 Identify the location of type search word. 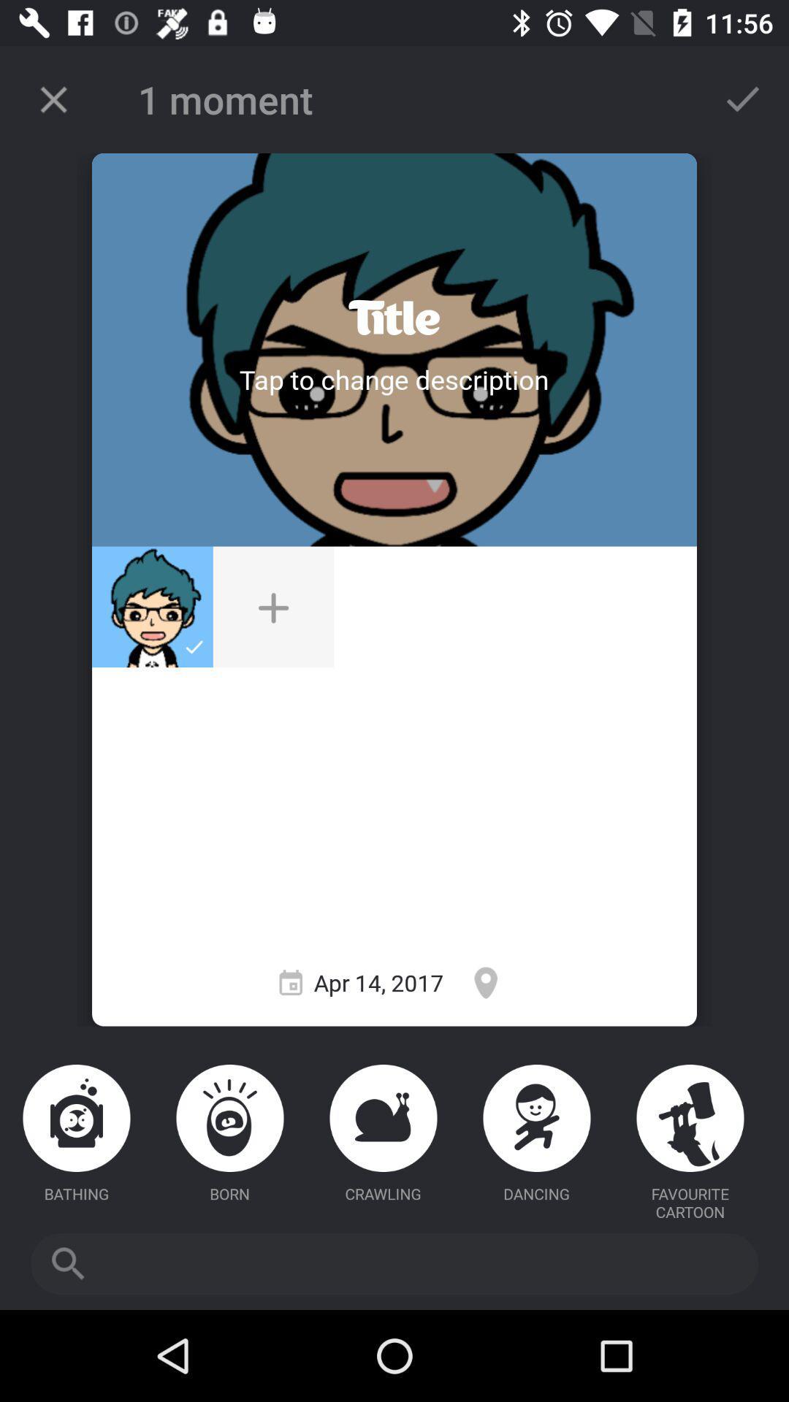
(394, 1263).